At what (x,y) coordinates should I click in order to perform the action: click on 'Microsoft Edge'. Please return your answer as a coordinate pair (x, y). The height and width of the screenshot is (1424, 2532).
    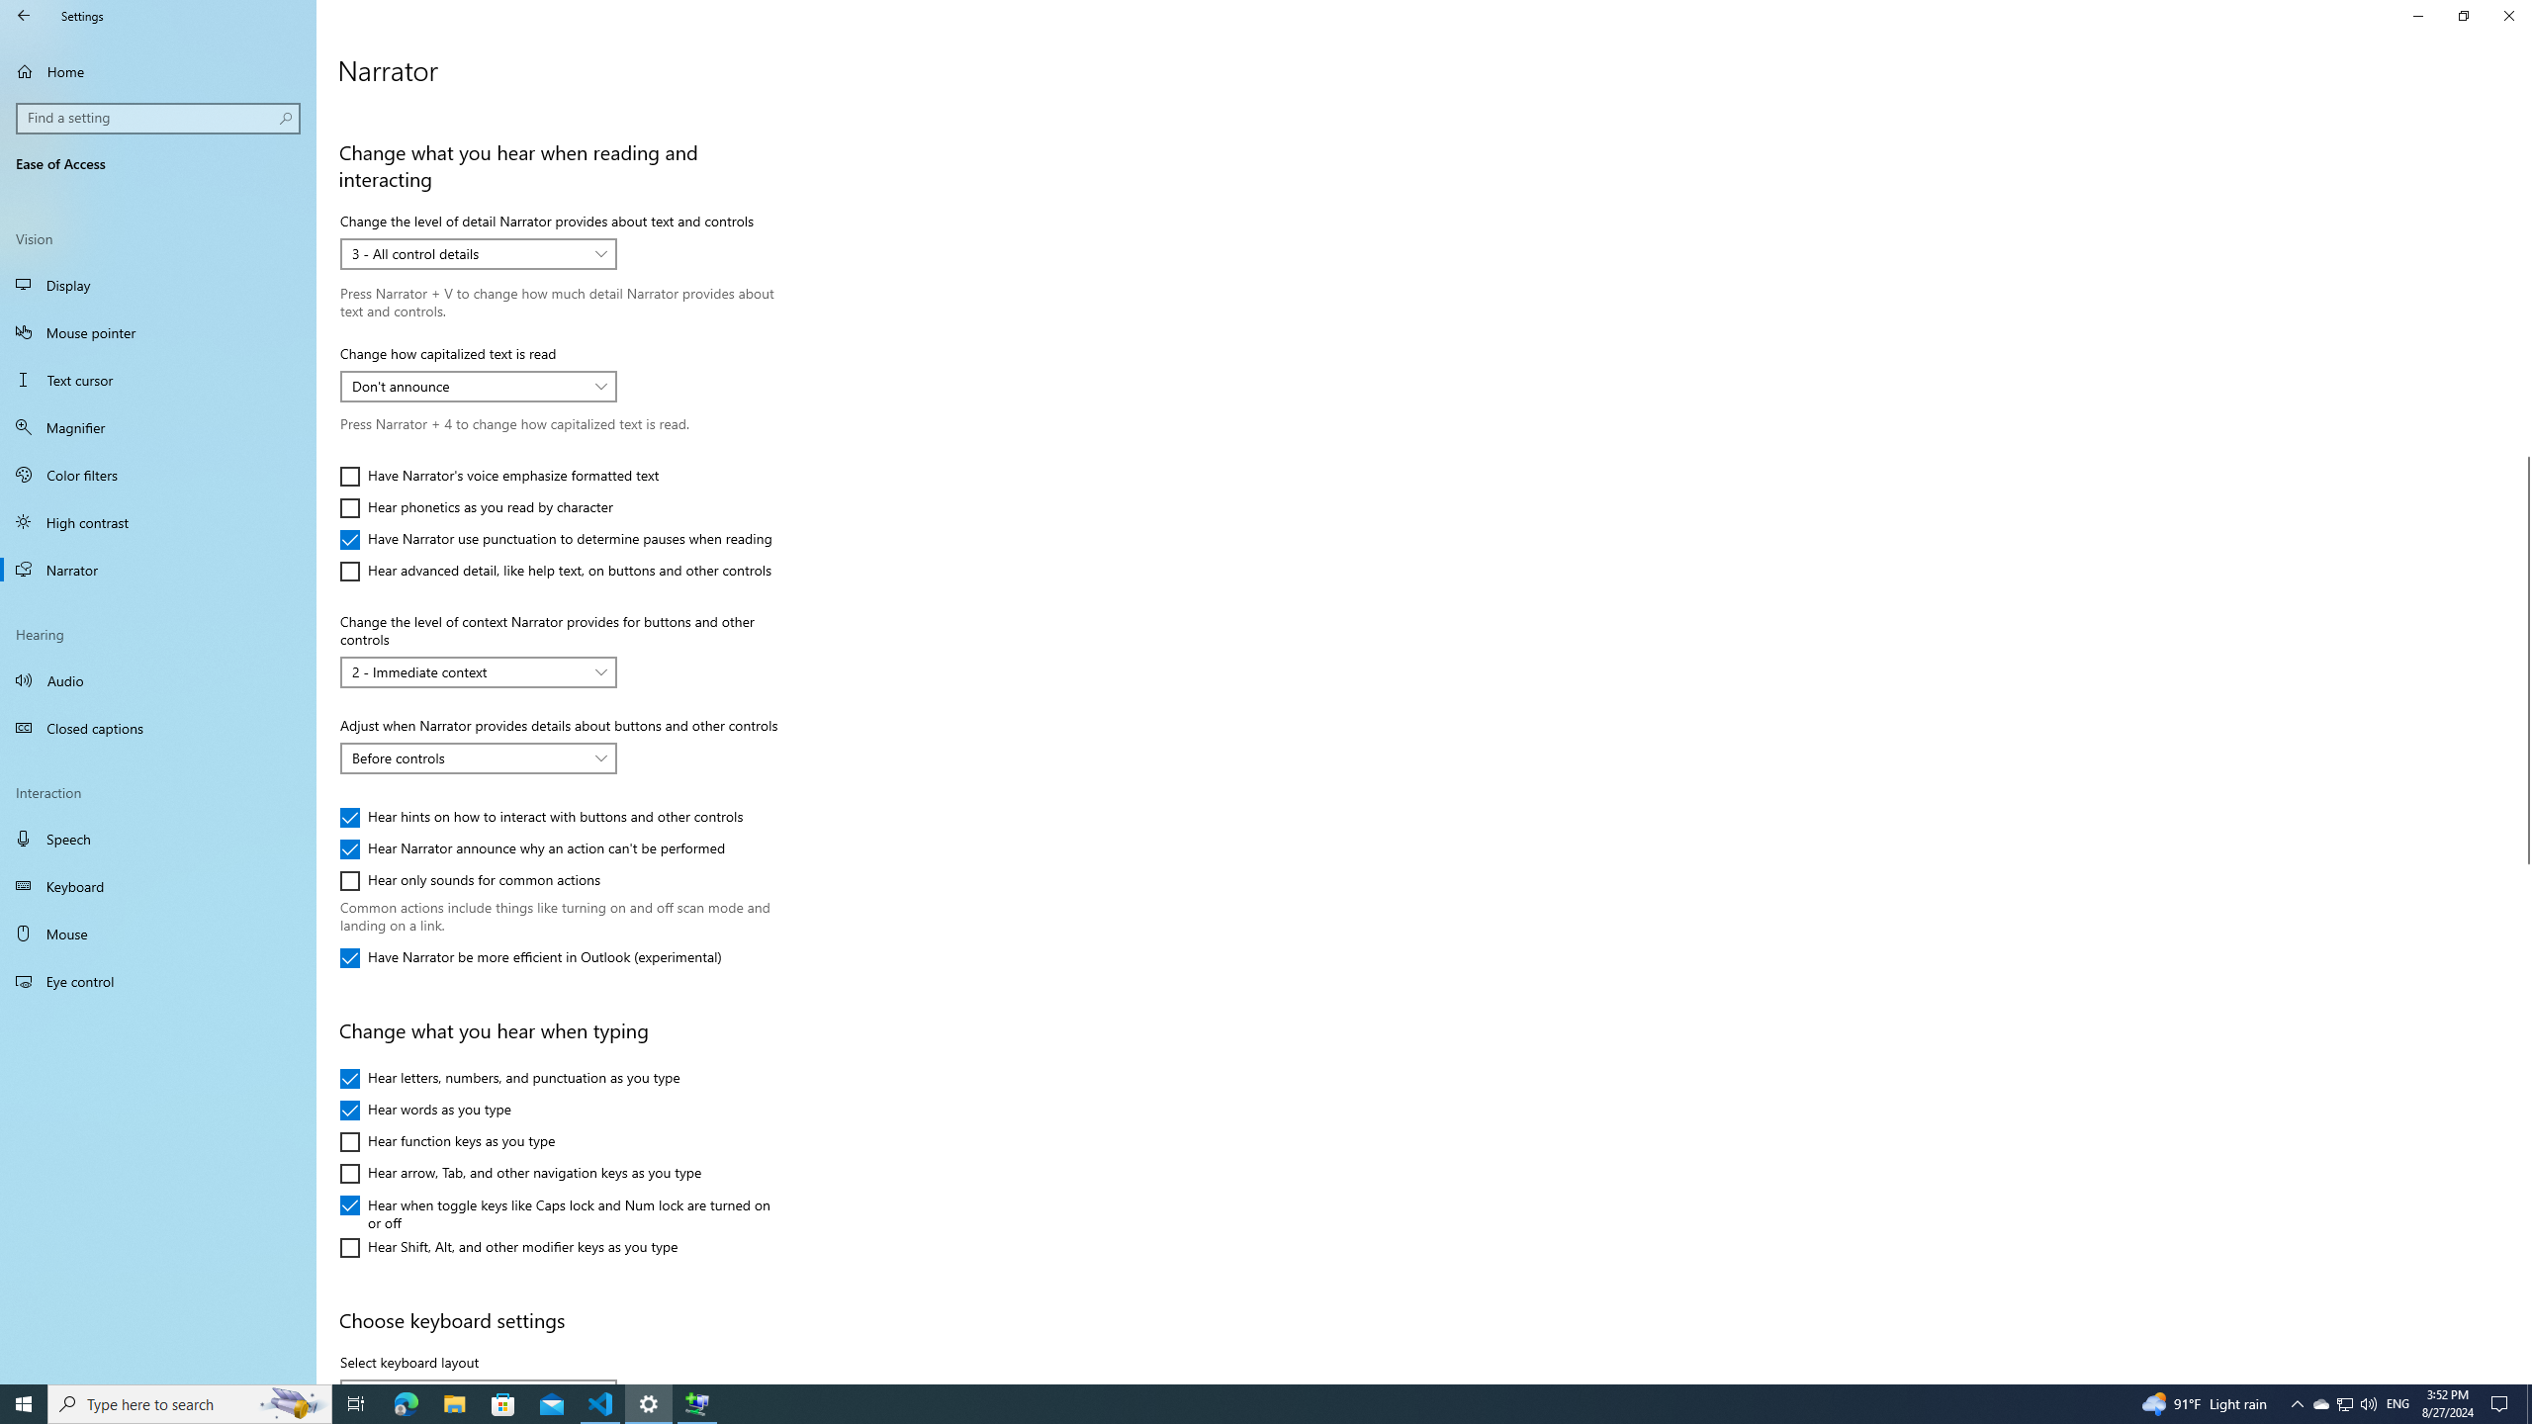
    Looking at the image, I should click on (405, 1402).